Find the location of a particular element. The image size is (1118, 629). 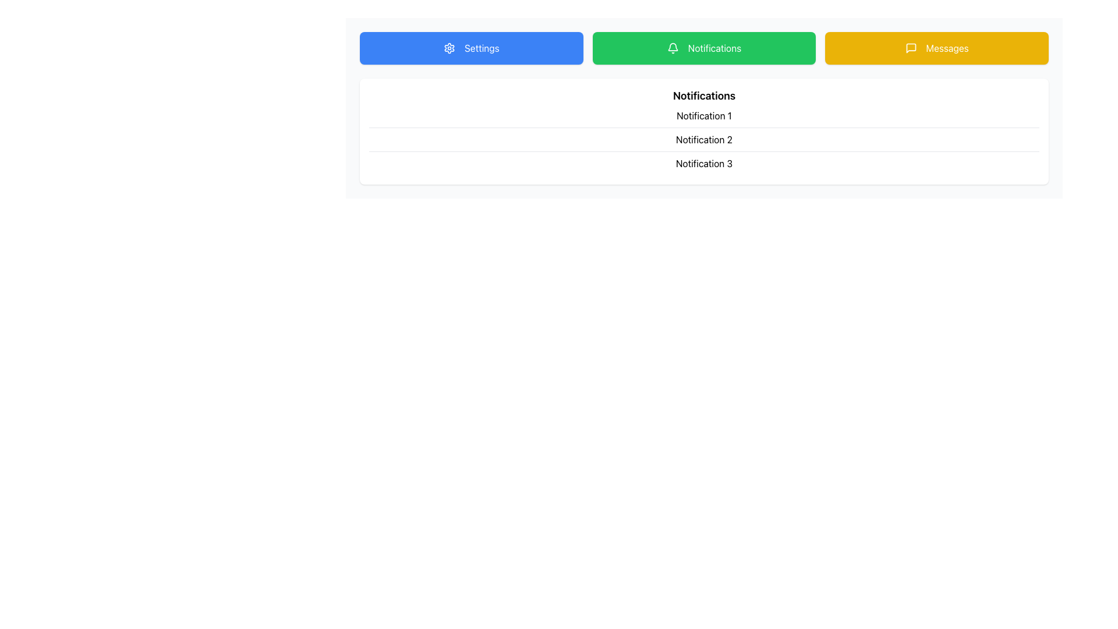

the context of the 'Messages' icon, which is a speech bubble within a yellow button located is located at coordinates (910, 48).